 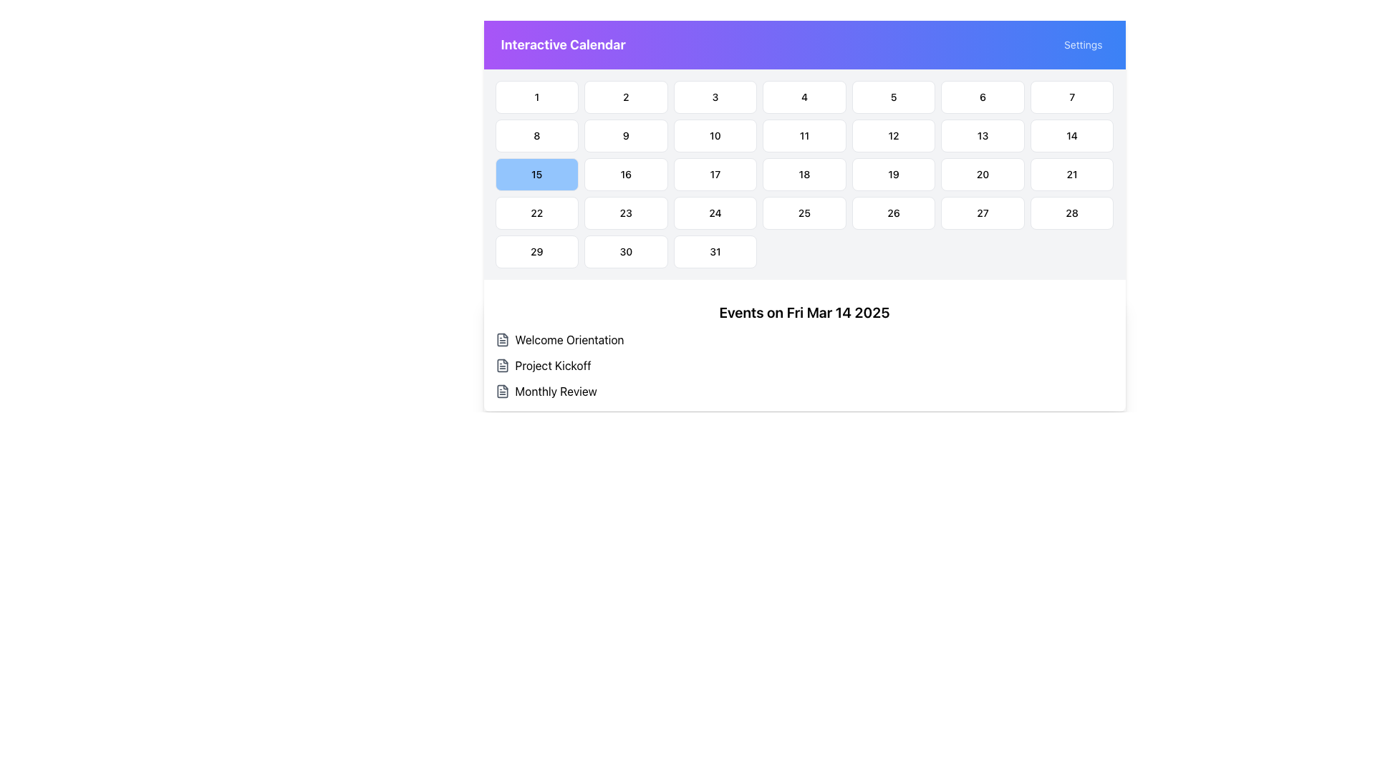 I want to click on the button representing the 4th day of the calendar located in the first row and fourth column, so click(x=804, y=97).